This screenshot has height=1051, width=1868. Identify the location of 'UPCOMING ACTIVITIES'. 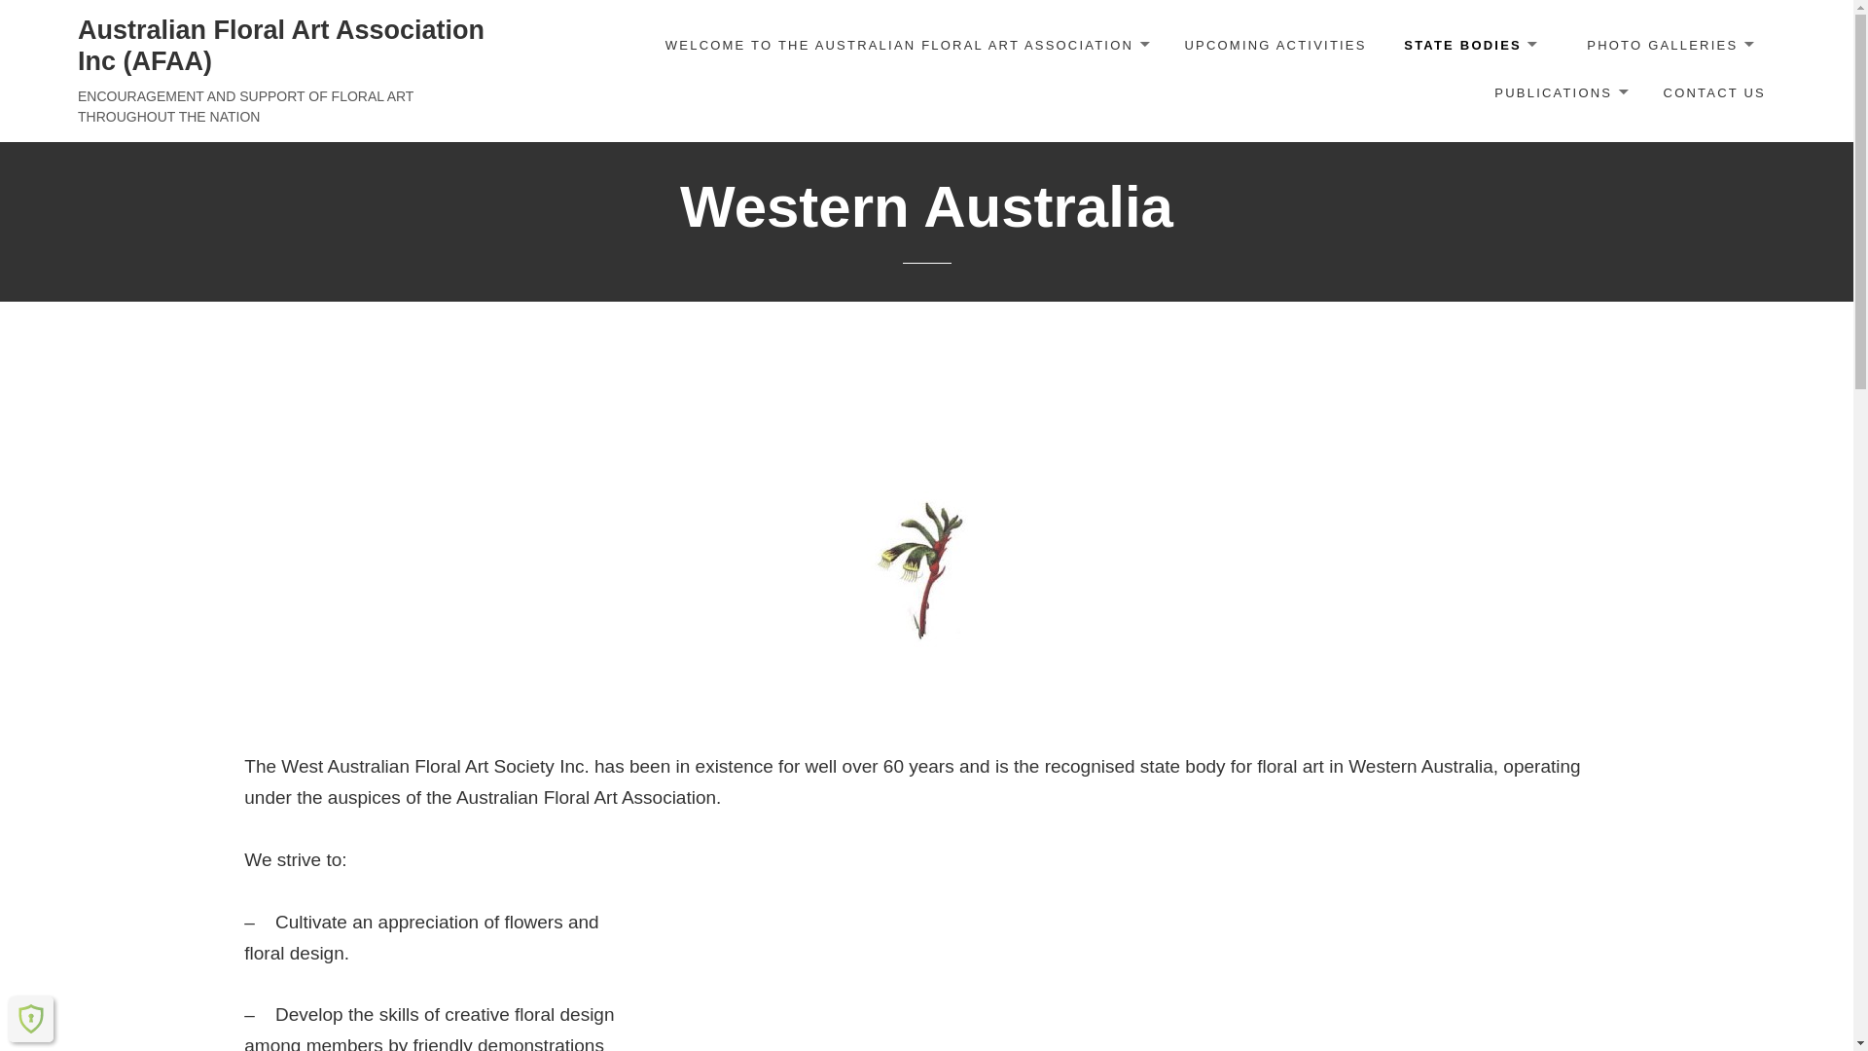
(1275, 45).